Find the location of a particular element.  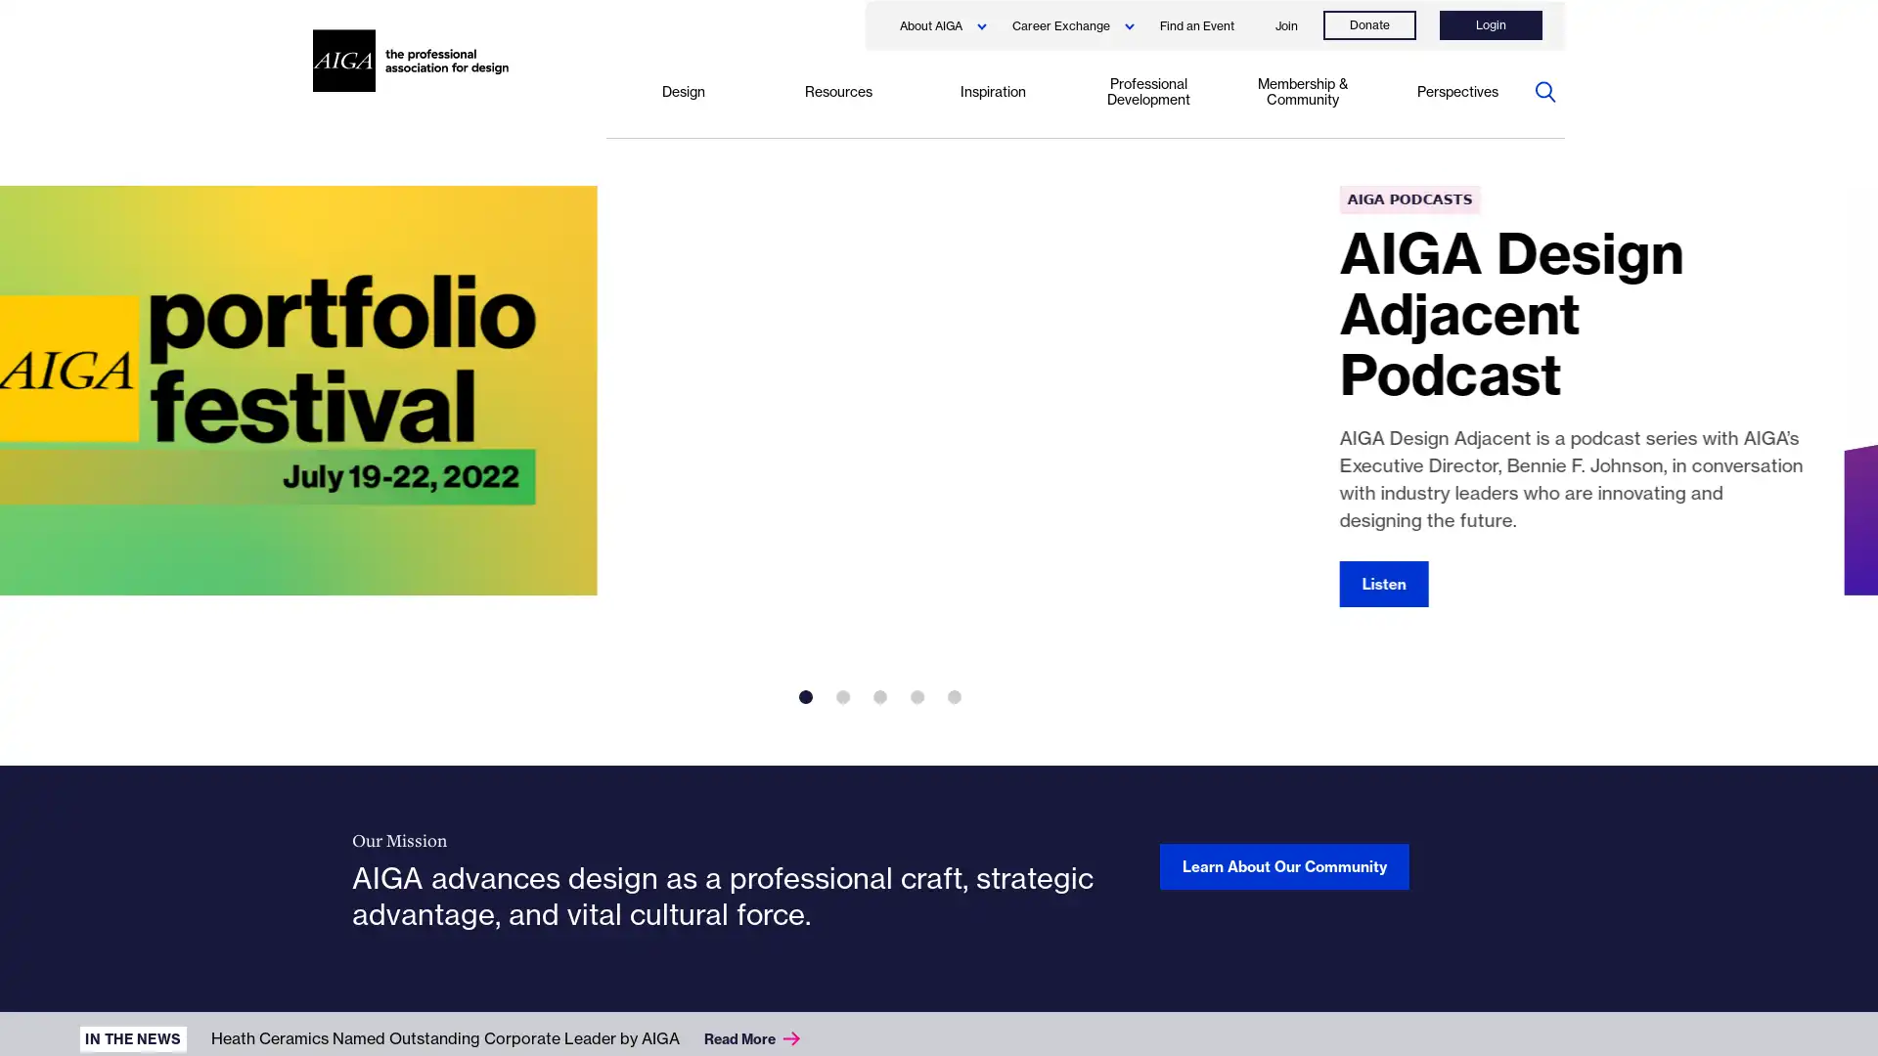

5 of 5 is located at coordinates (954, 696).